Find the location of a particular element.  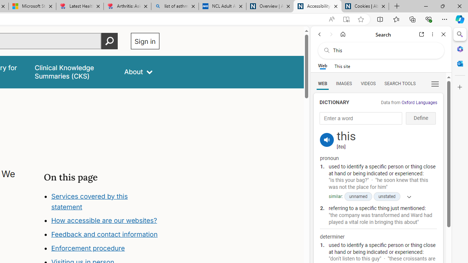

'pronounce' is located at coordinates (327, 140).